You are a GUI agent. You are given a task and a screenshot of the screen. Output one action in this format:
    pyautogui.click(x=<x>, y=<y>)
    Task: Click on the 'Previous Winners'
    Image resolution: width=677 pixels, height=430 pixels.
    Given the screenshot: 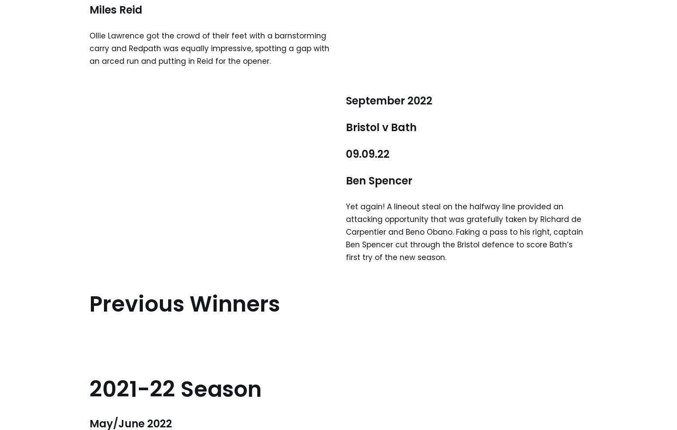 What is the action you would take?
    pyautogui.click(x=184, y=303)
    